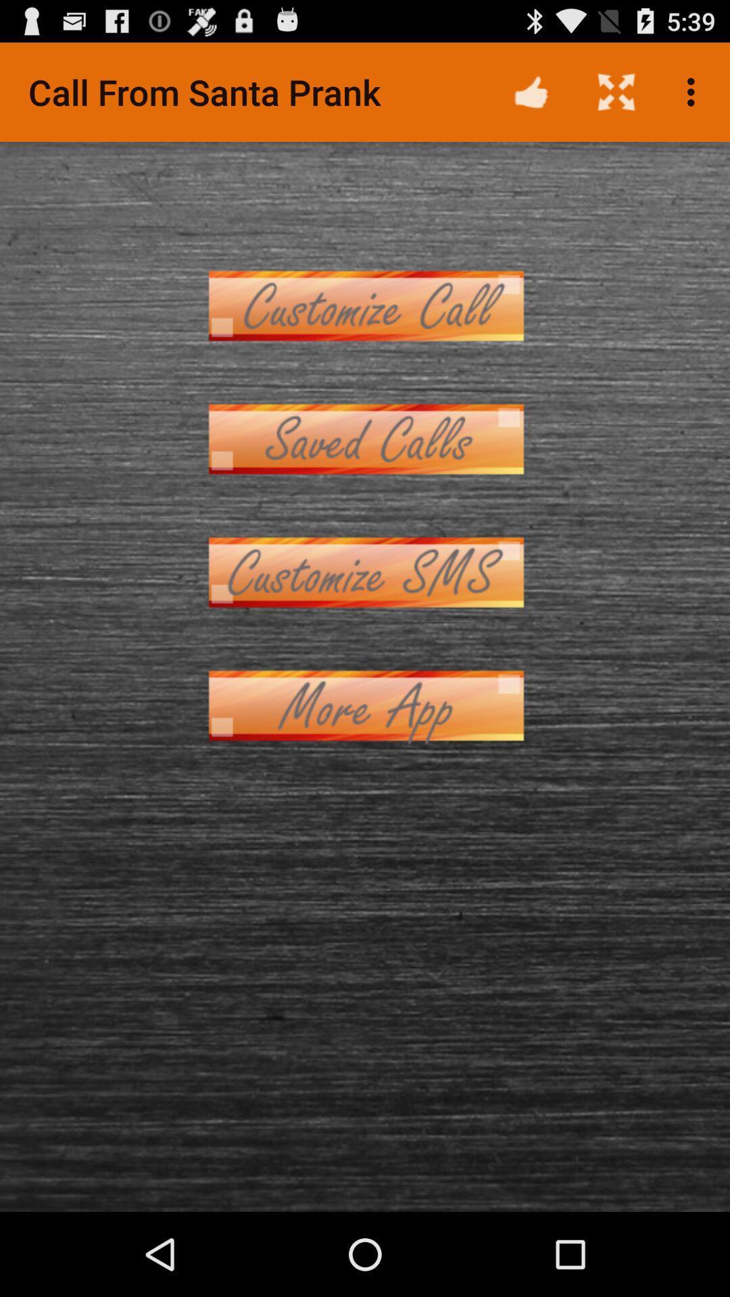 The height and width of the screenshot is (1297, 730). I want to click on send custom sms, so click(365, 572).